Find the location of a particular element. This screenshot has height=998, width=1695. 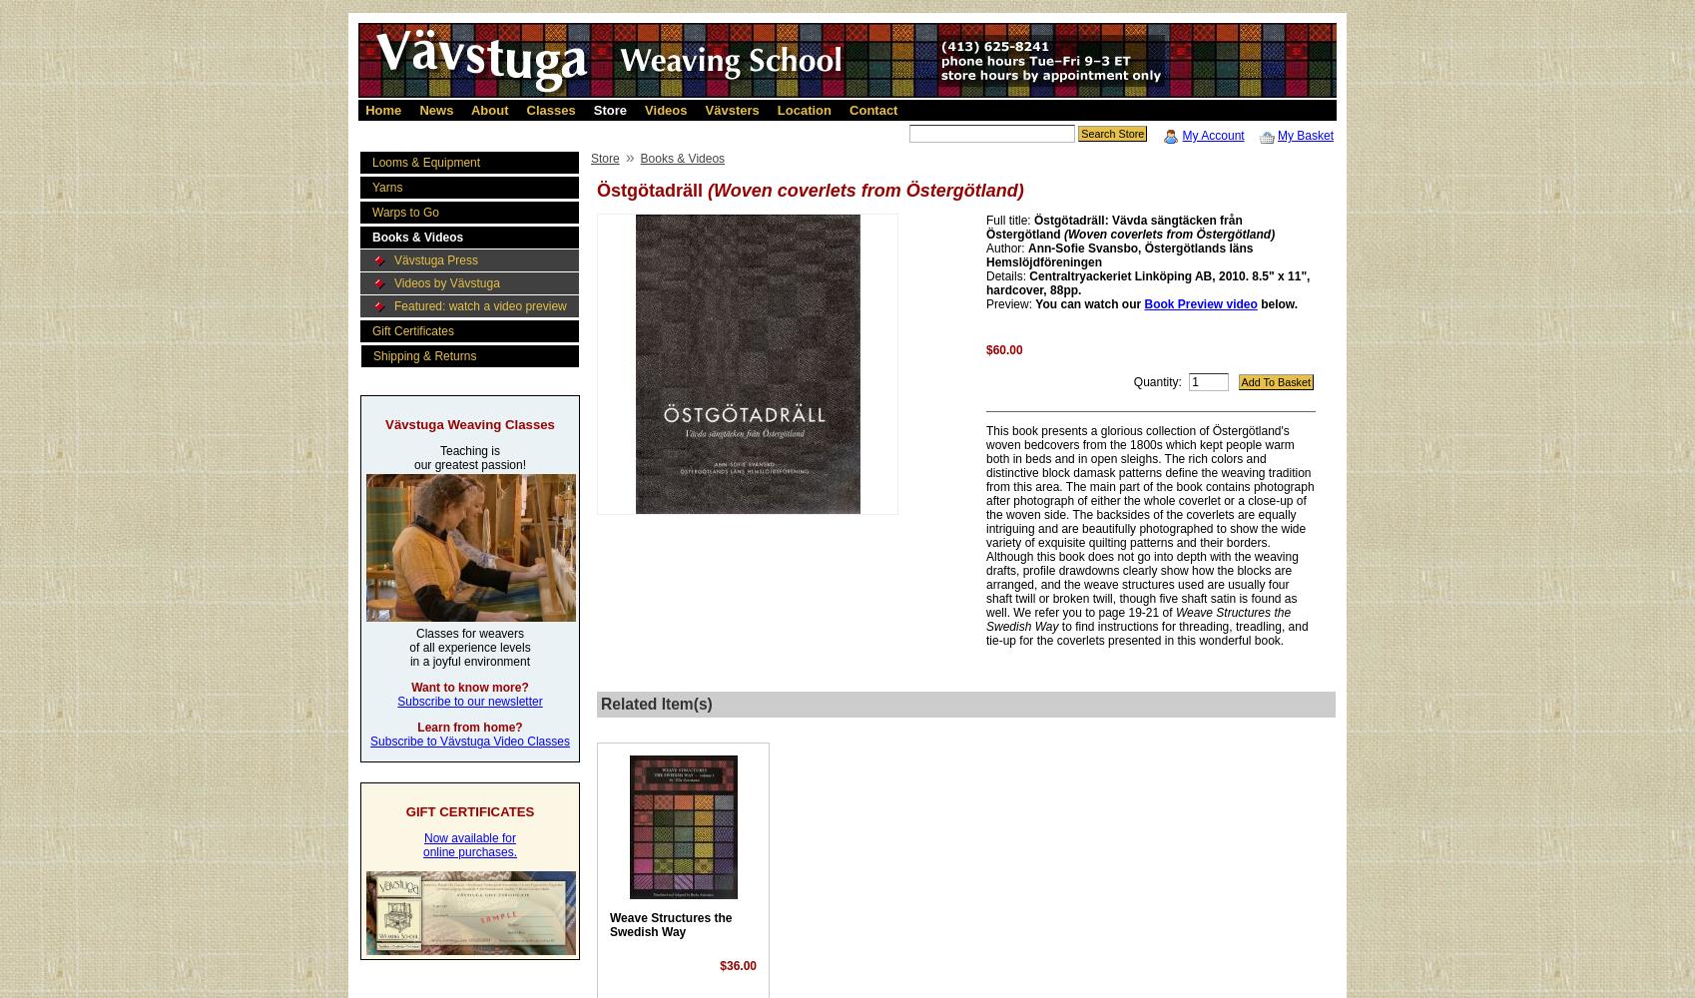

'below.' is located at coordinates (1276, 304).